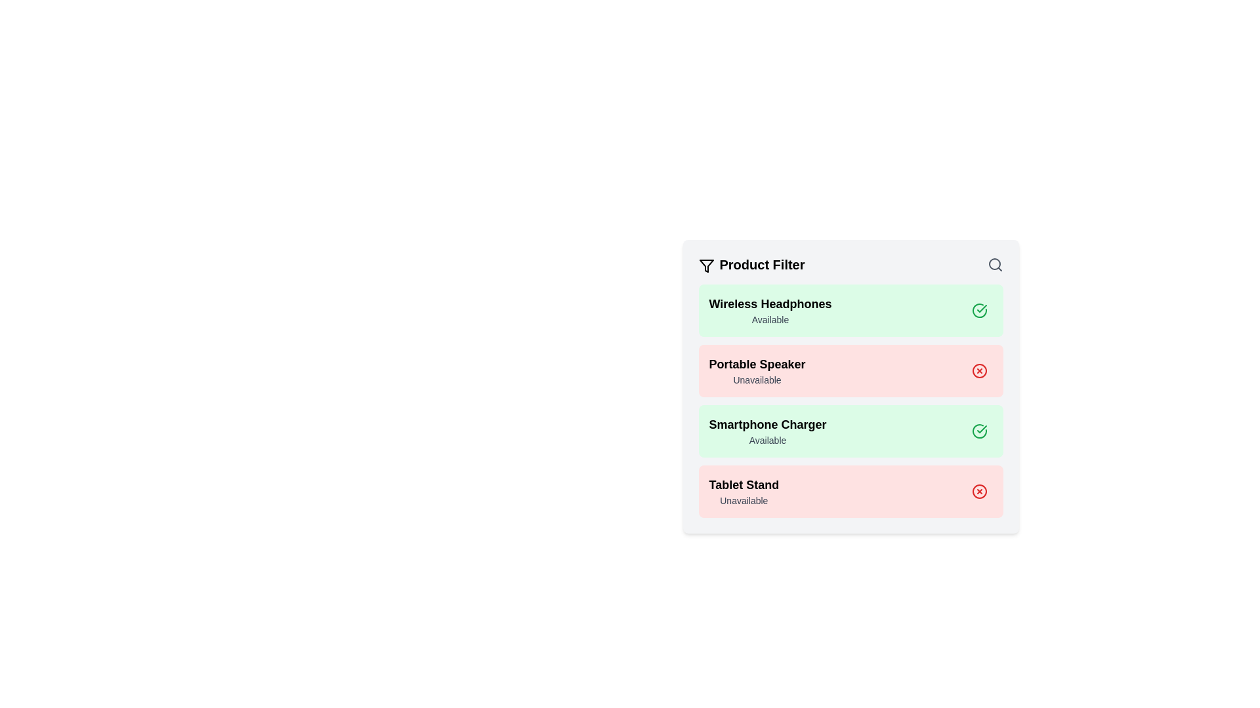 The image size is (1260, 708). I want to click on the Circular Button with Icon to change its background color, which is located at the far right of the 'Portable Speaker' row in the product list, so click(979, 371).